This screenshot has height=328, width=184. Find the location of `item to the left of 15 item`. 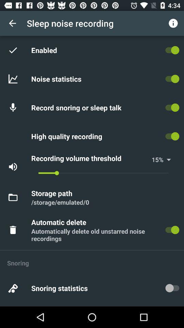

item to the left of 15 item is located at coordinates (90, 158).